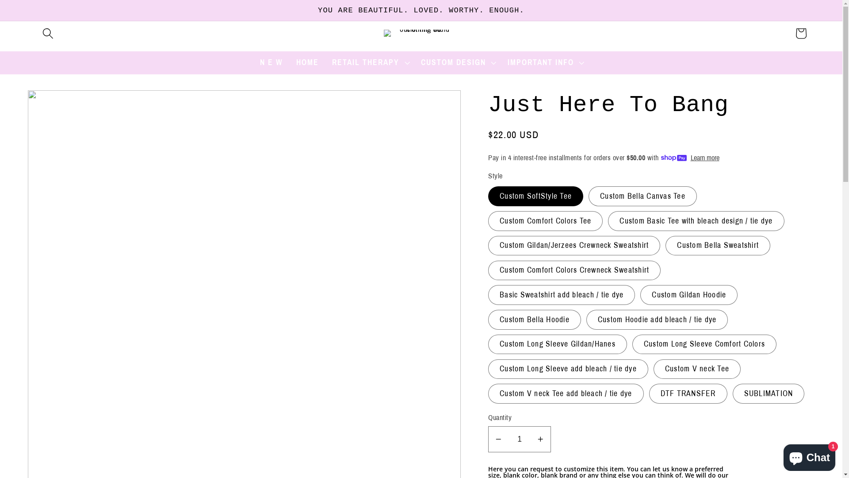 The height and width of the screenshot is (478, 849). Describe the element at coordinates (801, 33) in the screenshot. I see `'Cart'` at that location.